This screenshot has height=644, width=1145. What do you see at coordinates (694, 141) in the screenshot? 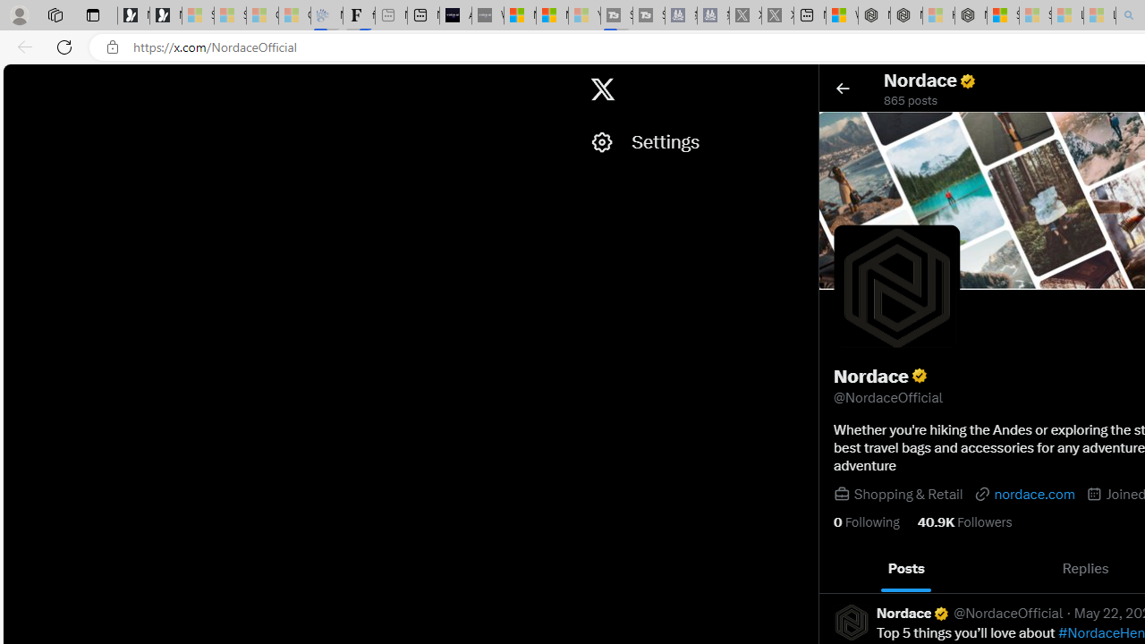
I see `'Settings'` at bounding box center [694, 141].